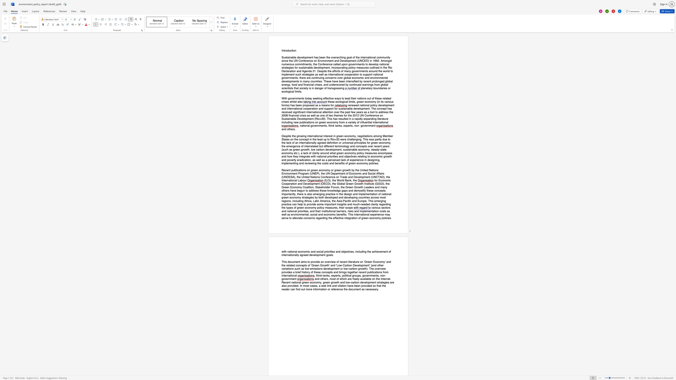 This screenshot has width=676, height=380. Describe the element at coordinates (283, 61) in the screenshot. I see `the 6th character "i" in the text` at that location.